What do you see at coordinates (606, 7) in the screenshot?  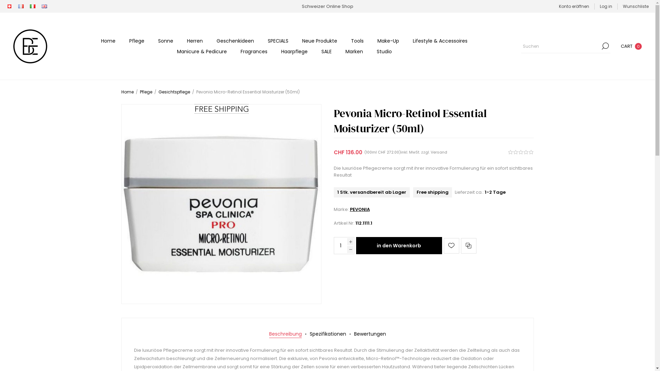 I see `'Log in'` at bounding box center [606, 7].